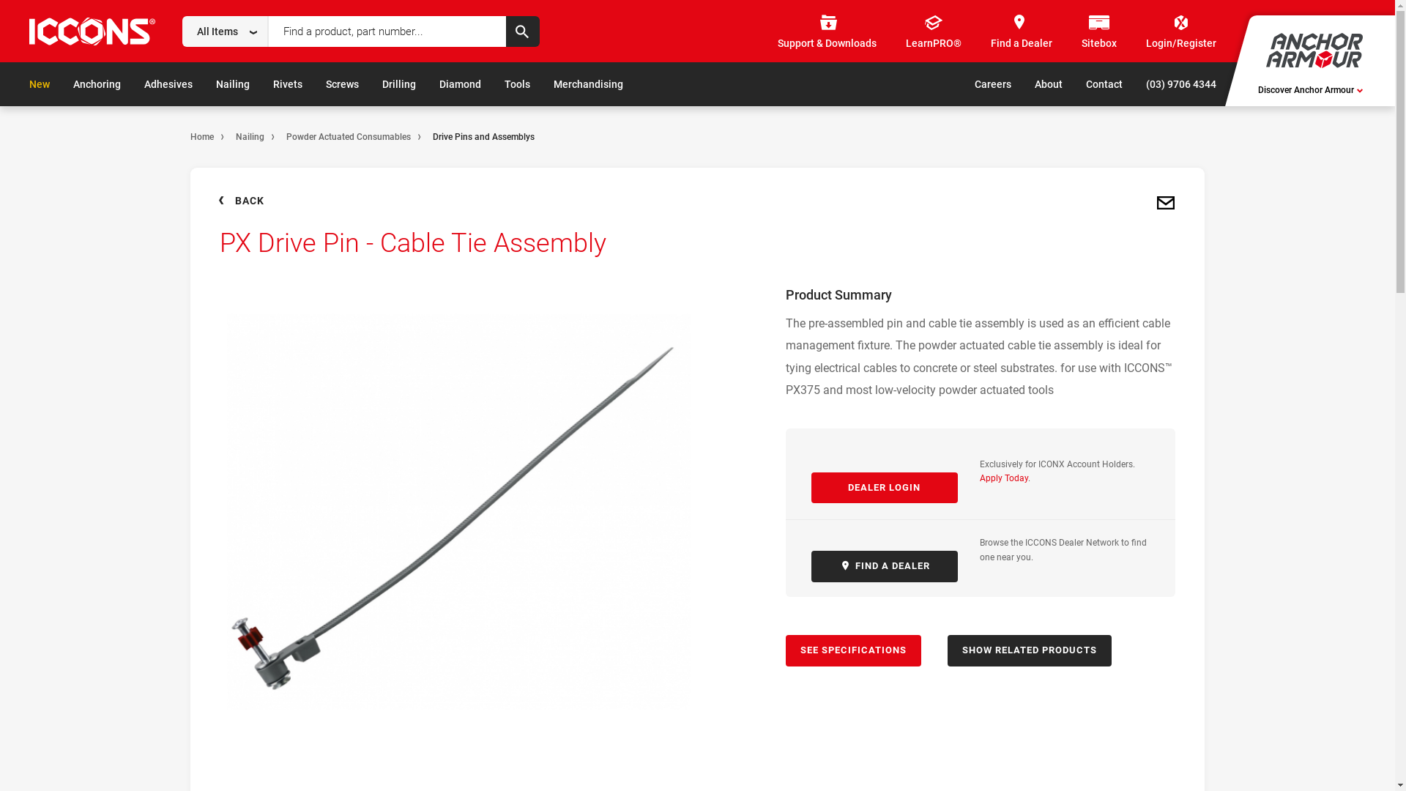  What do you see at coordinates (1152, 203) in the screenshot?
I see `'Share by Email'` at bounding box center [1152, 203].